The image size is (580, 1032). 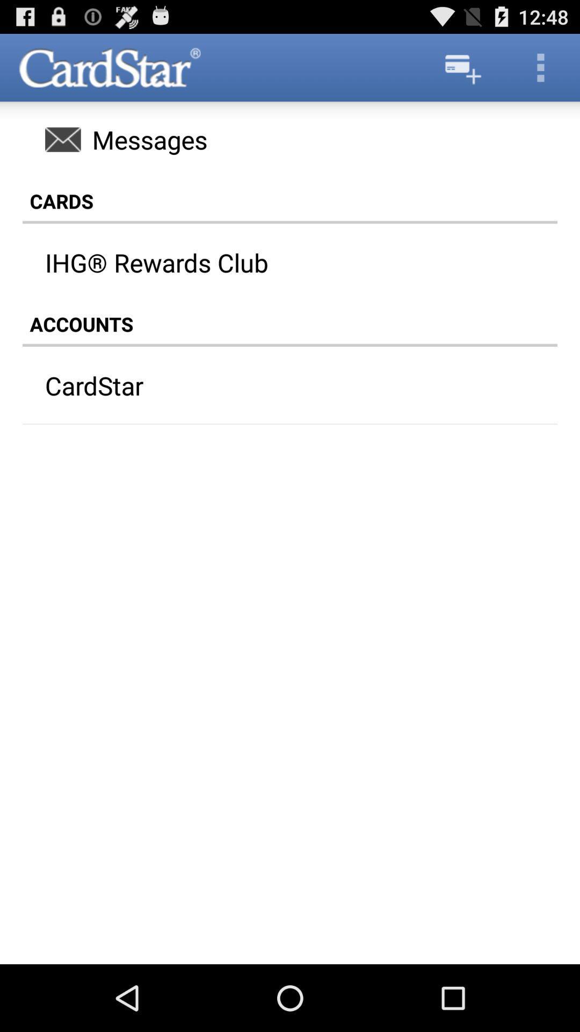 I want to click on item above the messages, so click(x=461, y=67).